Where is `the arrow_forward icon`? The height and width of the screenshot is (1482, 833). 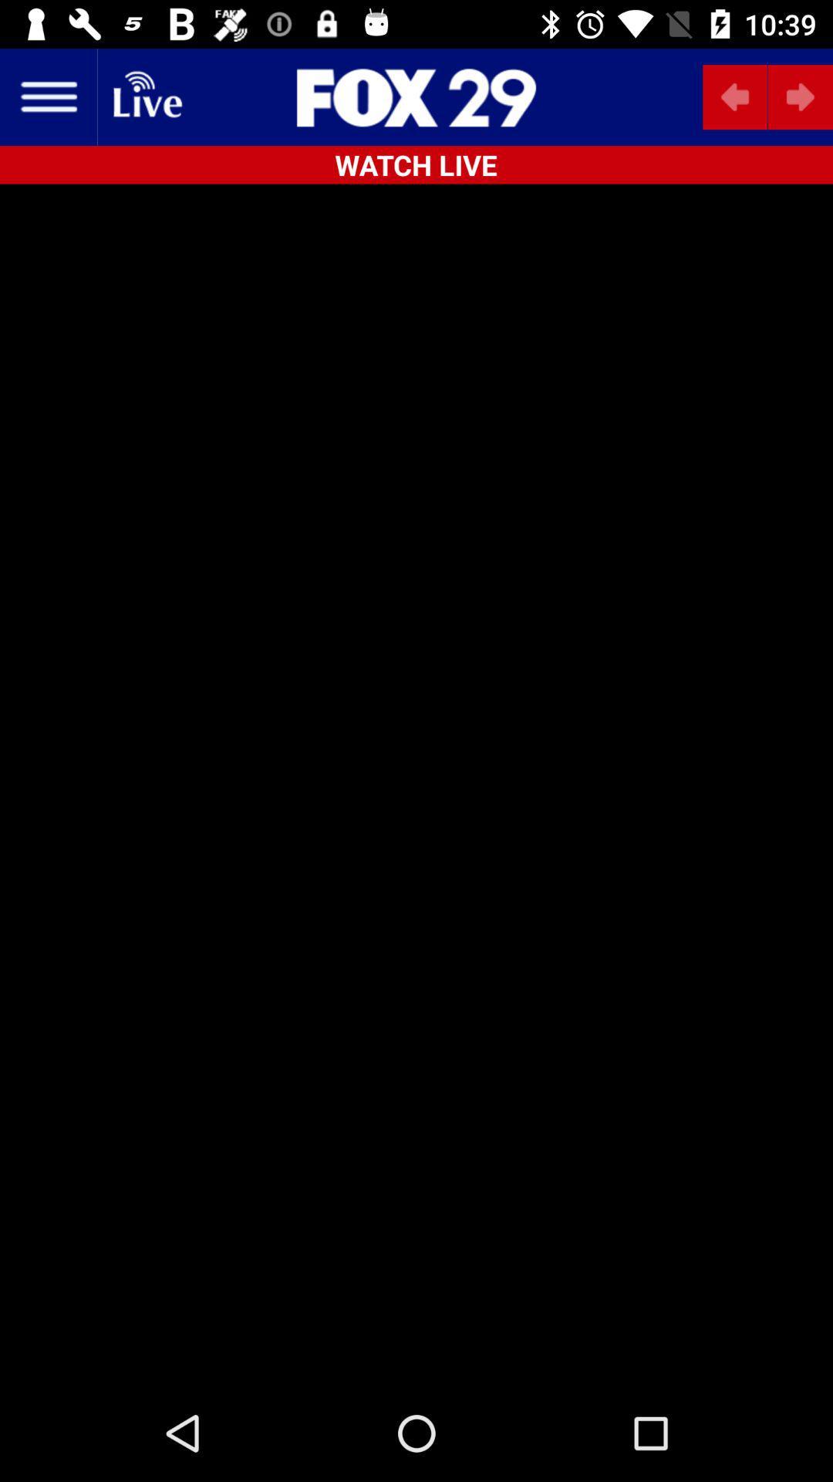
the arrow_forward icon is located at coordinates (799, 96).